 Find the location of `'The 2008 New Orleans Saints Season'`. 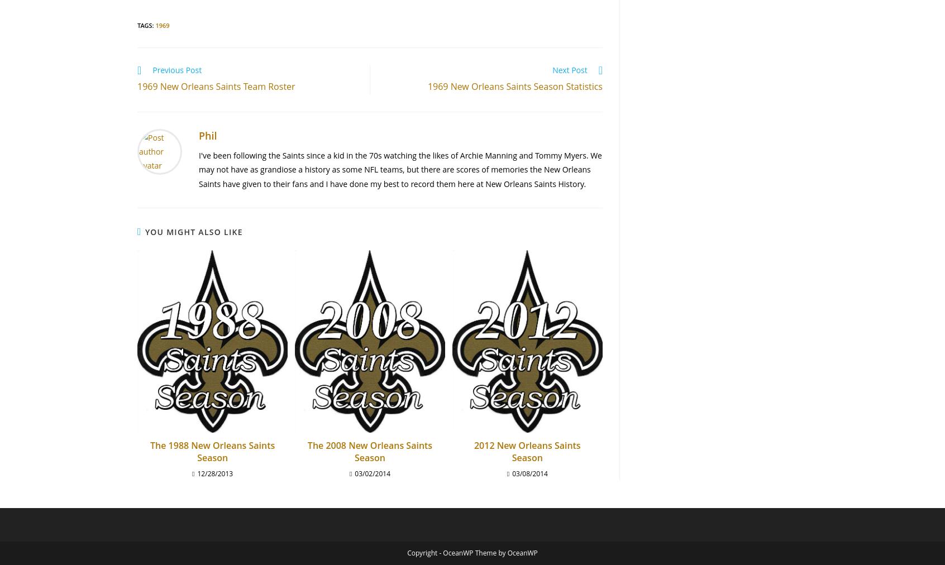

'The 2008 New Orleans Saints Season' is located at coordinates (370, 451).